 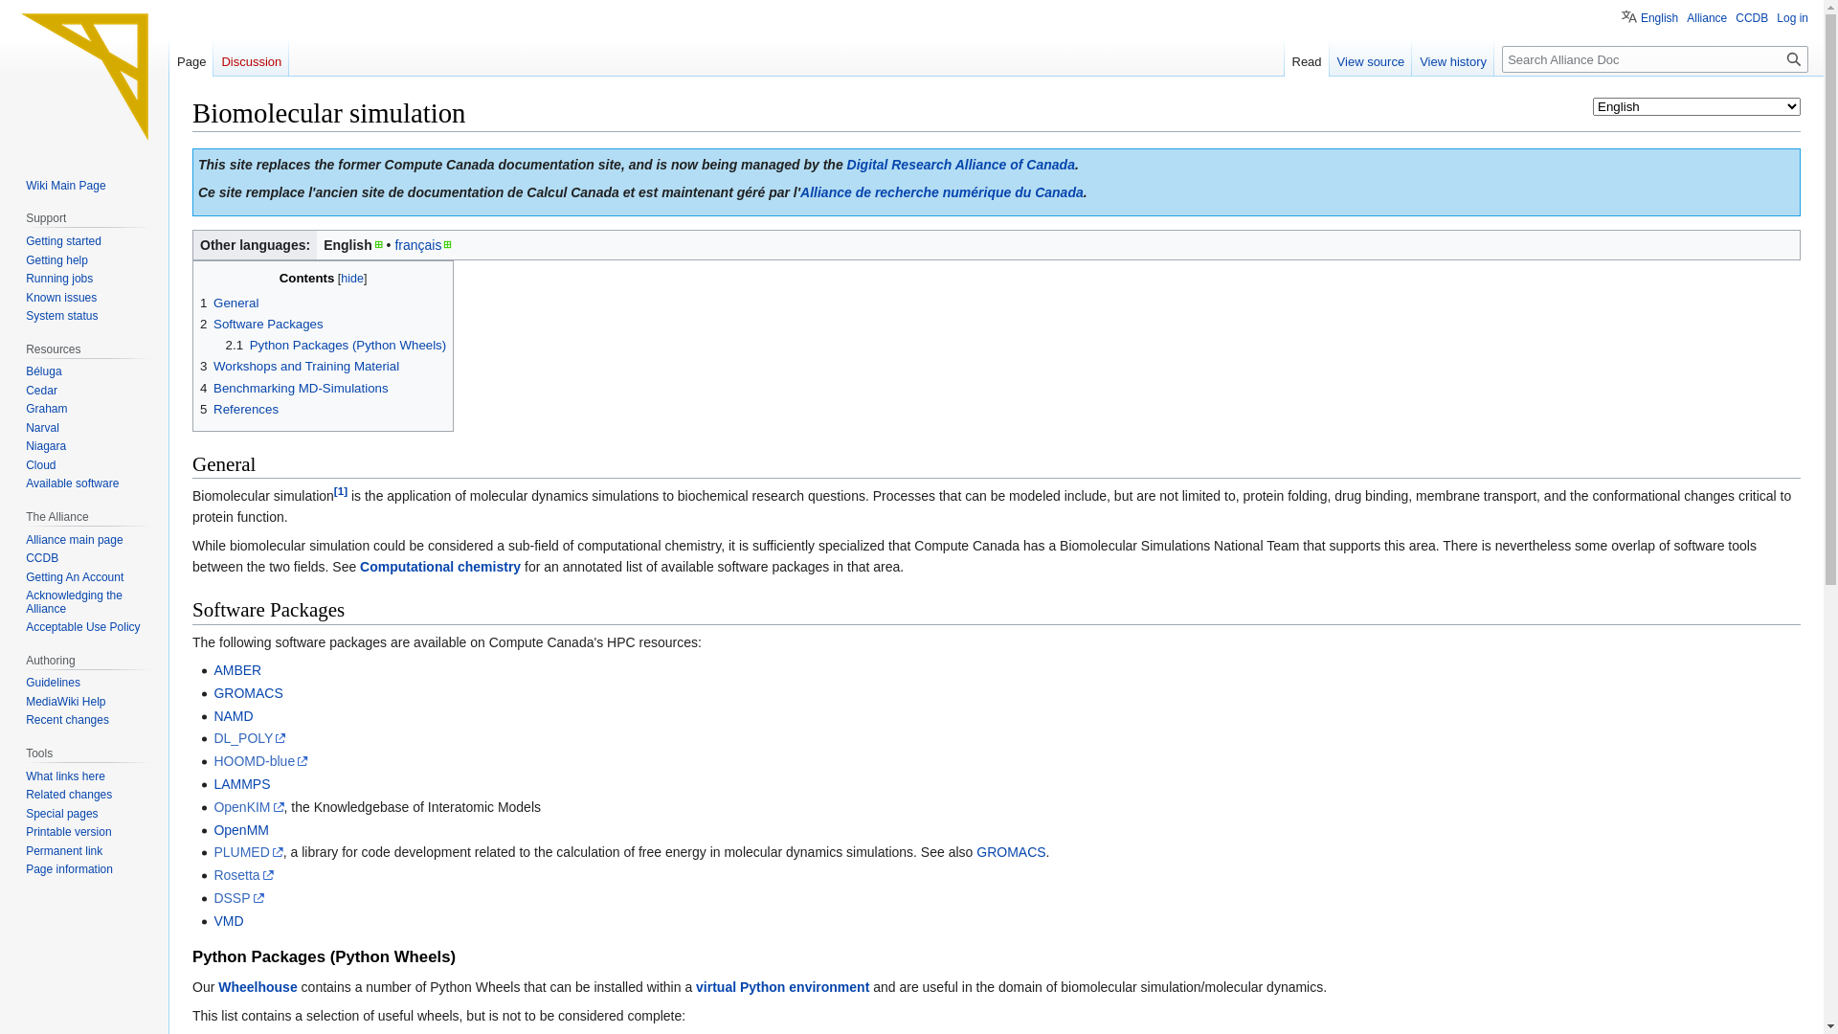 What do you see at coordinates (61, 315) in the screenshot?
I see `'System status'` at bounding box center [61, 315].